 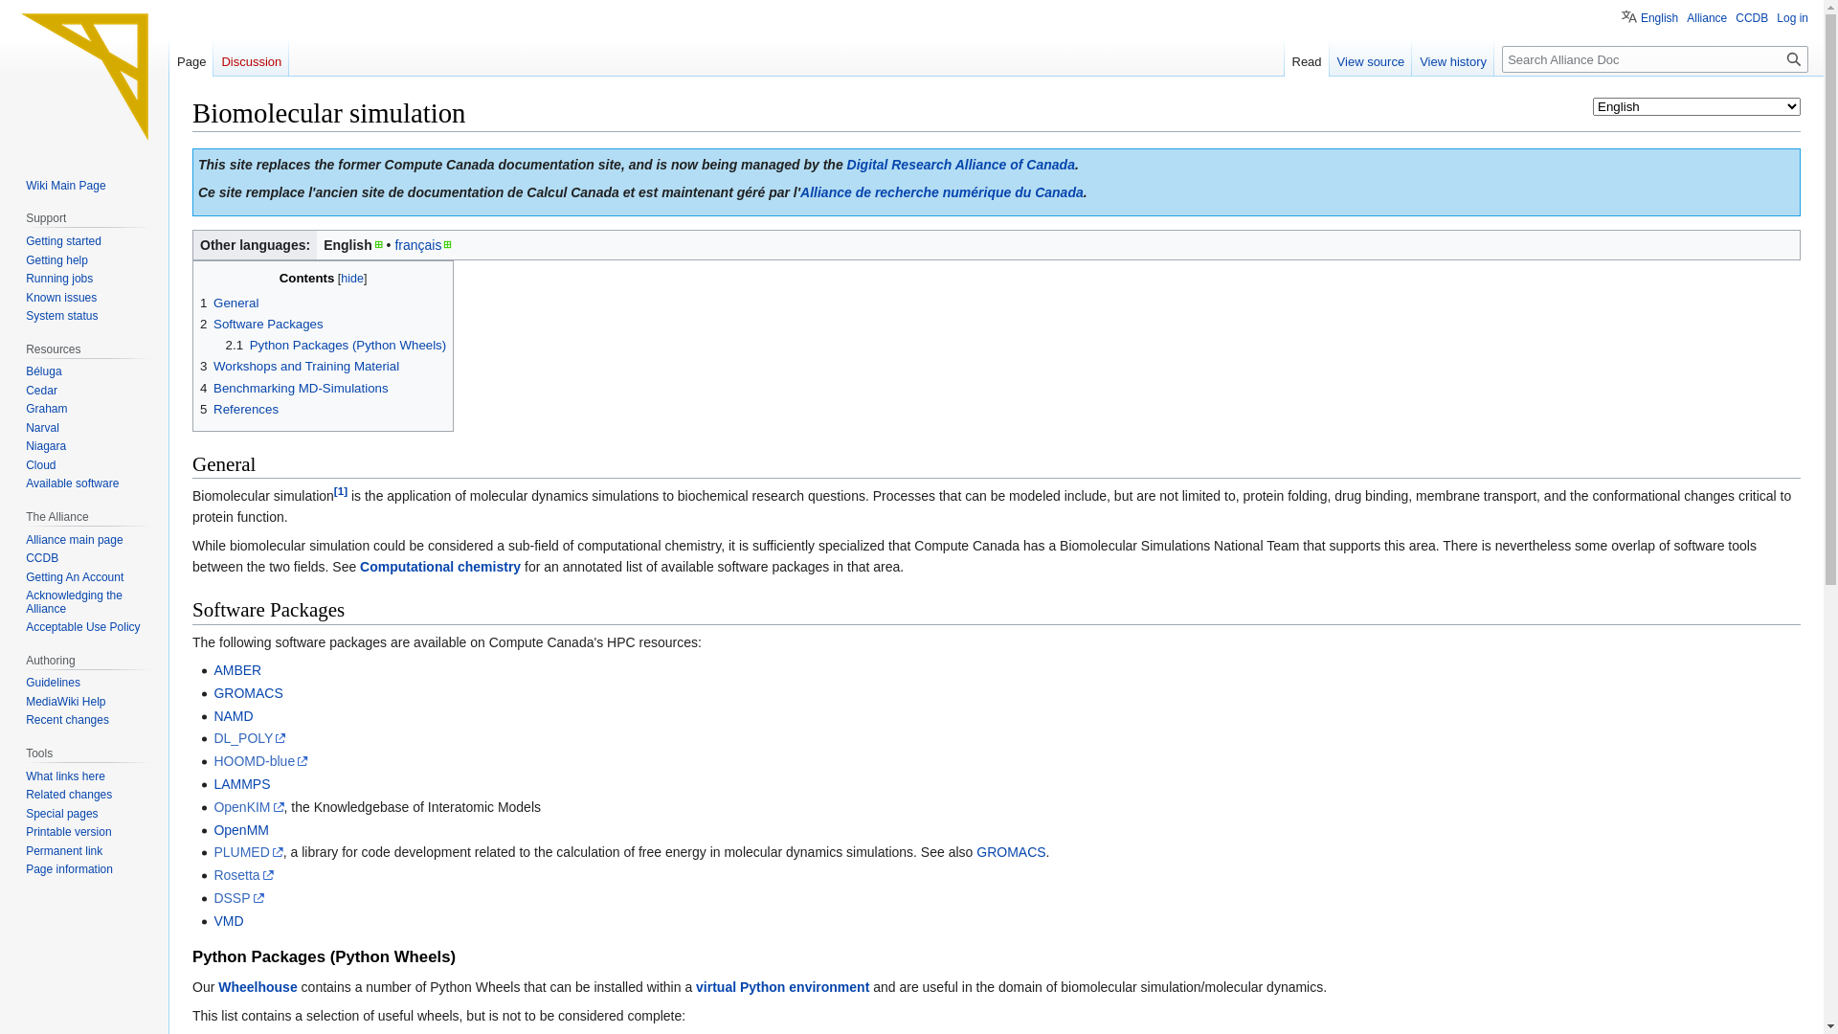 What do you see at coordinates (61, 315) in the screenshot?
I see `'System status'` at bounding box center [61, 315].